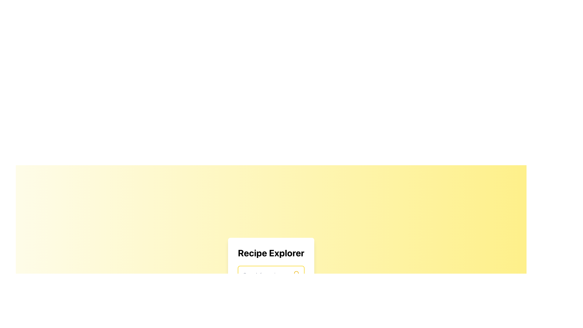 This screenshot has width=583, height=328. What do you see at coordinates (296, 273) in the screenshot?
I see `the magnifying glass icon with a yellow stroke located at the top right corner of the white search input field` at bounding box center [296, 273].